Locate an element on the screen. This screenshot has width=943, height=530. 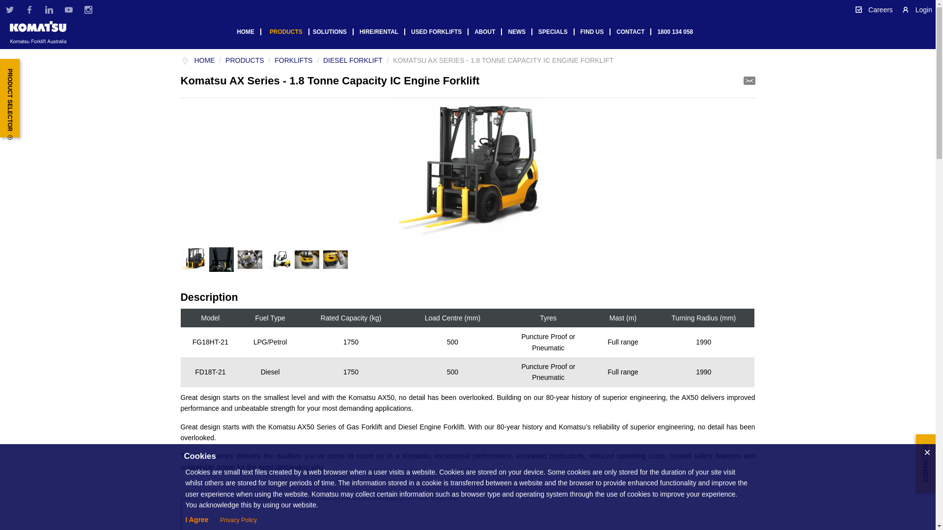
'1800 134 058' is located at coordinates (677, 31).